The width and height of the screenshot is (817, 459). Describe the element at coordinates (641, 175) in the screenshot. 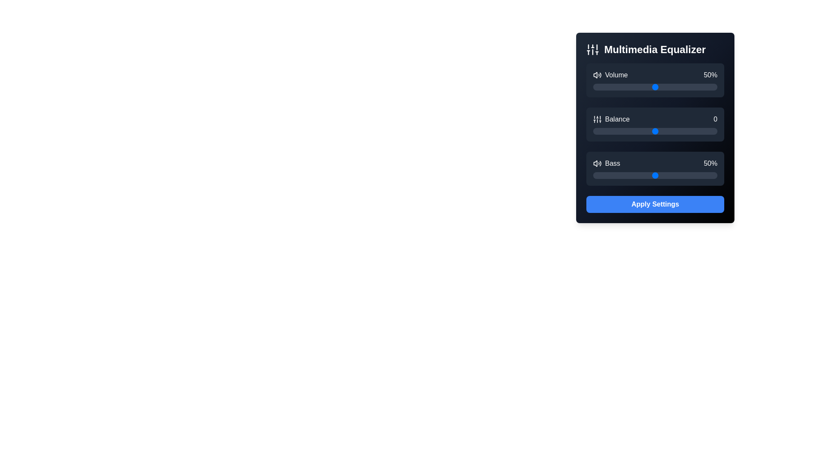

I see `bass level` at that location.